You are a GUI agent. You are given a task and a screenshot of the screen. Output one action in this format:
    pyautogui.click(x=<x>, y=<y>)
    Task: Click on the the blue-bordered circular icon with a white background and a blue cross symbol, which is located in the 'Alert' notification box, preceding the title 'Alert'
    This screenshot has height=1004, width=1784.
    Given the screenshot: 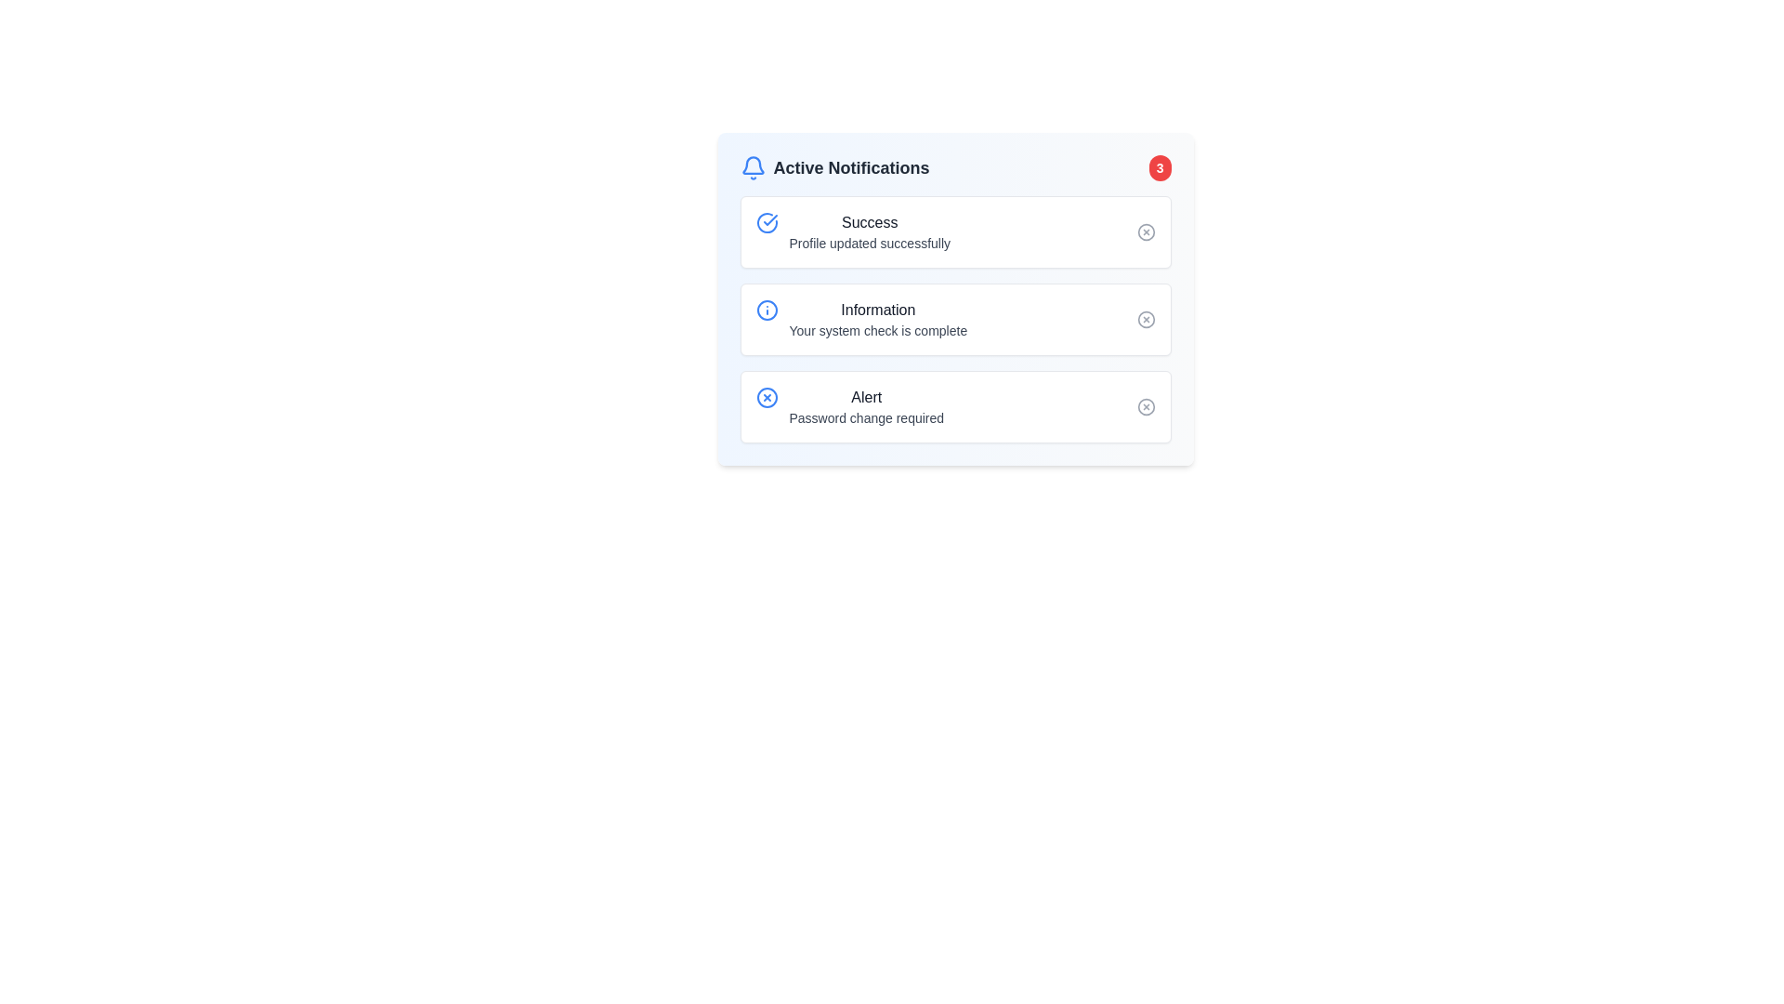 What is the action you would take?
    pyautogui.click(x=767, y=397)
    